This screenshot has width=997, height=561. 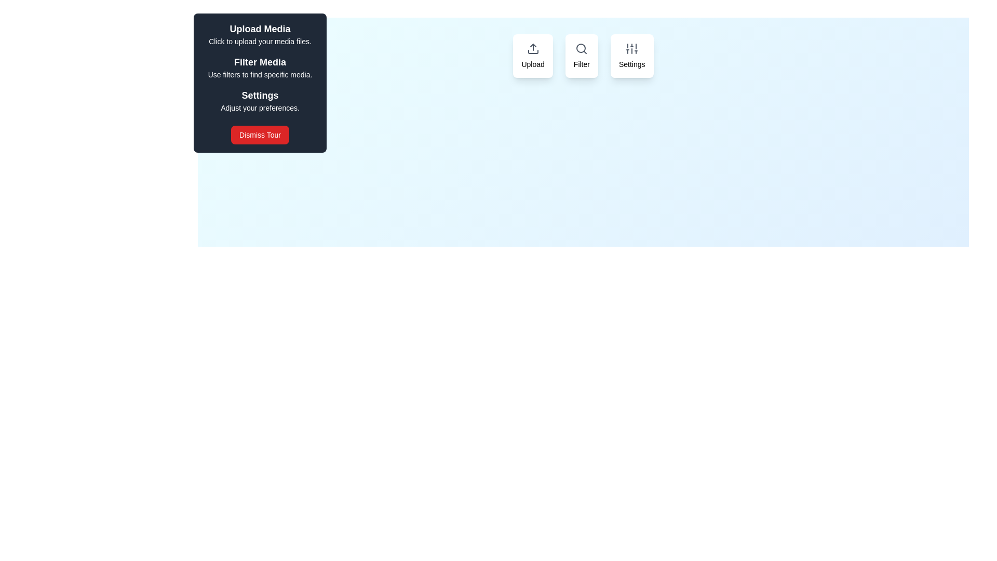 What do you see at coordinates (260, 68) in the screenshot?
I see `the Informational text block that serves as a section header for filter-related actions, located below 'Upload Media' and above 'Settings' in the dark gray popup card` at bounding box center [260, 68].